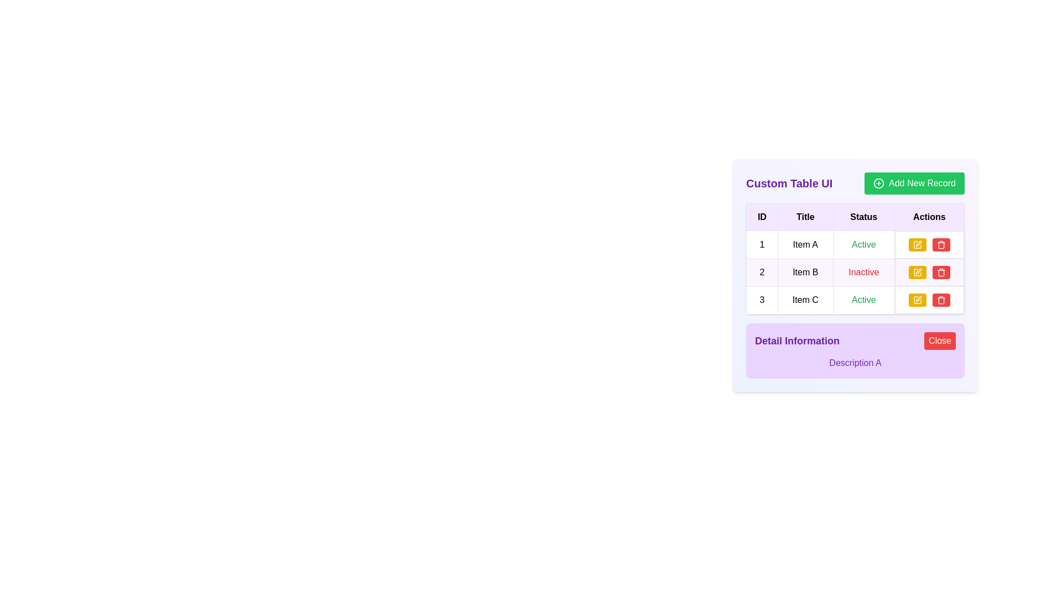 The image size is (1062, 597). Describe the element at coordinates (929, 244) in the screenshot. I see `the edit button with a yellow background and a pencil icon in the Actions column of the first row corresponding to 'Item A' to modify the record` at that location.